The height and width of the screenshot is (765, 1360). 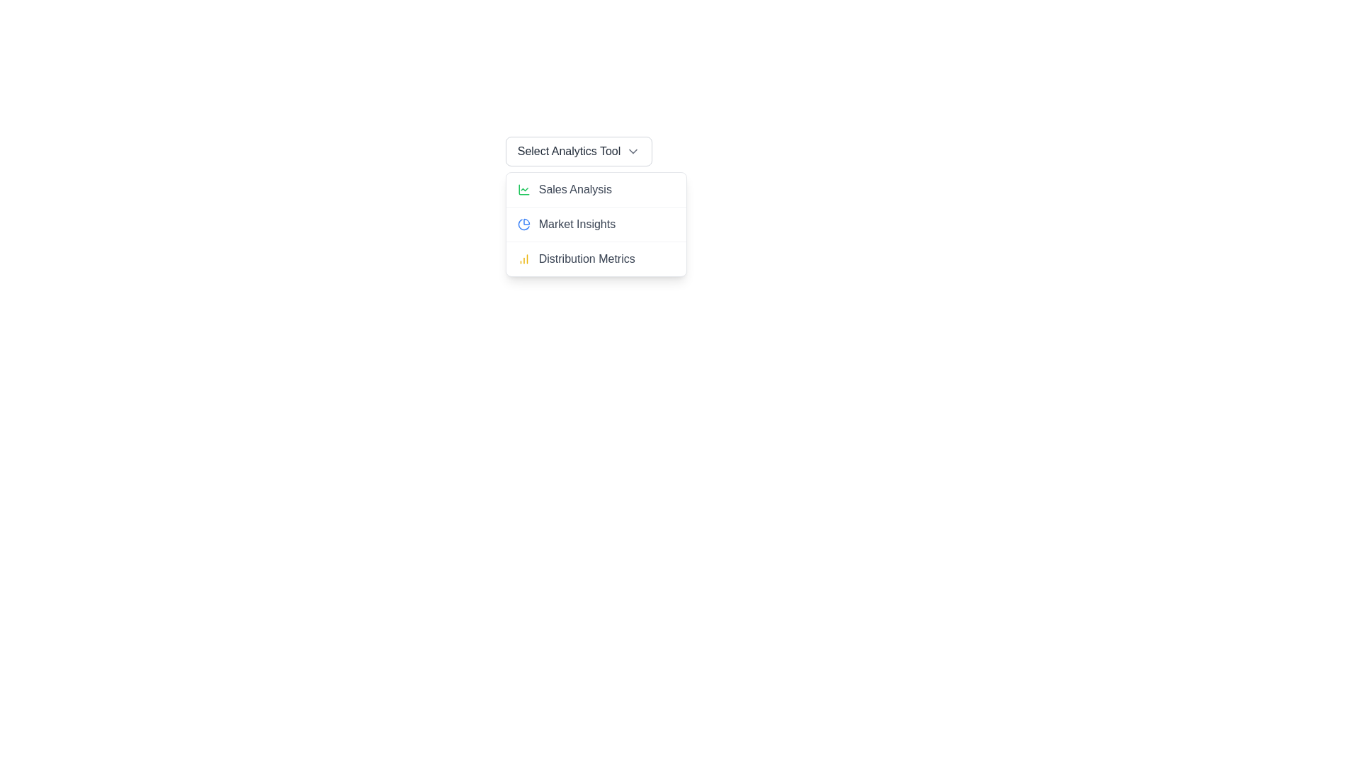 What do you see at coordinates (596, 188) in the screenshot?
I see `the topmost menu item labeled 'Sales Analysis' in the vertical menu` at bounding box center [596, 188].